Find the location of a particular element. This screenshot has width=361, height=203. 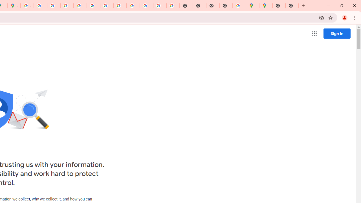

'YouTube' is located at coordinates (107, 6).